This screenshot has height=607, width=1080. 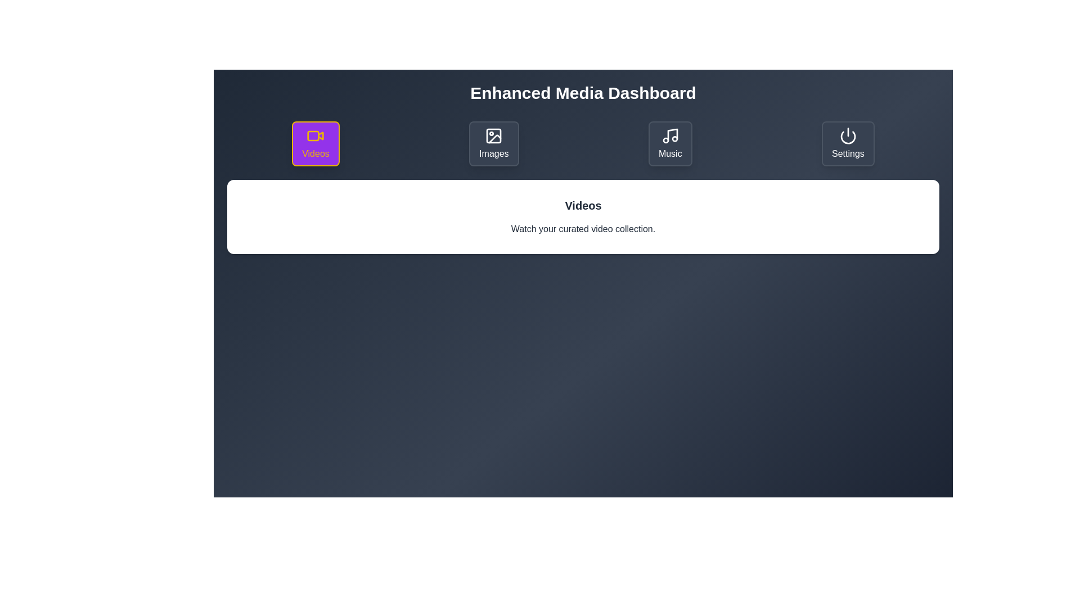 What do you see at coordinates (494, 143) in the screenshot?
I see `the Images tab to switch to its content` at bounding box center [494, 143].